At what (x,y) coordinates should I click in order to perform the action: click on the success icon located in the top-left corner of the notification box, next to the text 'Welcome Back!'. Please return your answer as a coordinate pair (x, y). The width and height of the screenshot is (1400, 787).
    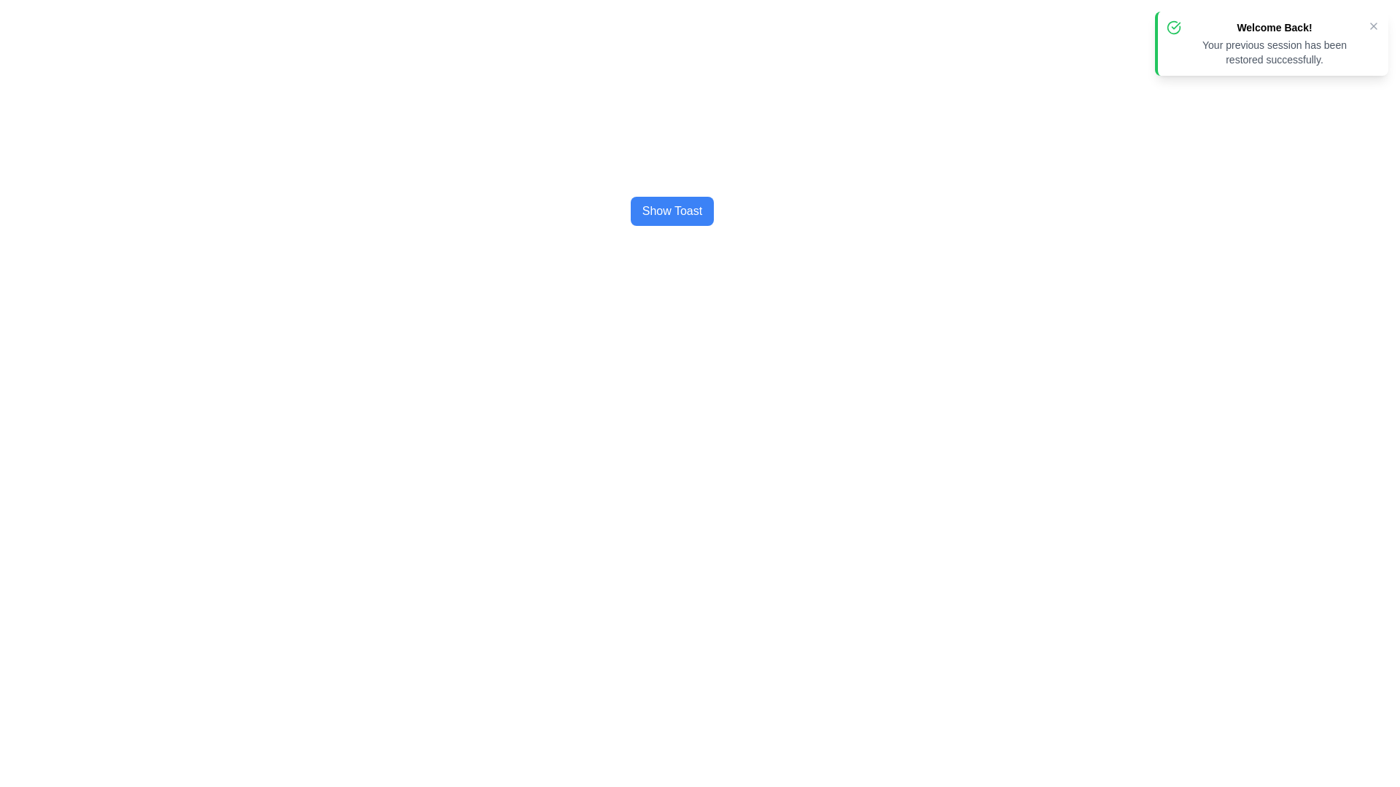
    Looking at the image, I should click on (1173, 28).